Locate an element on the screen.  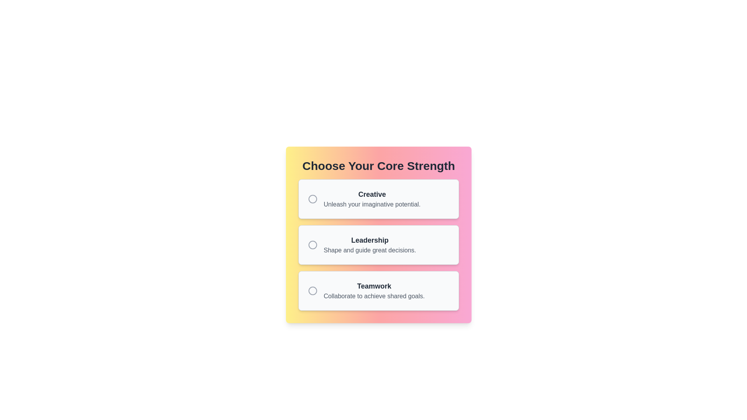
the selectable option labeled 'Leadership' located in the second position under the 'Choose Your Core Strength' heading is located at coordinates (379, 244).